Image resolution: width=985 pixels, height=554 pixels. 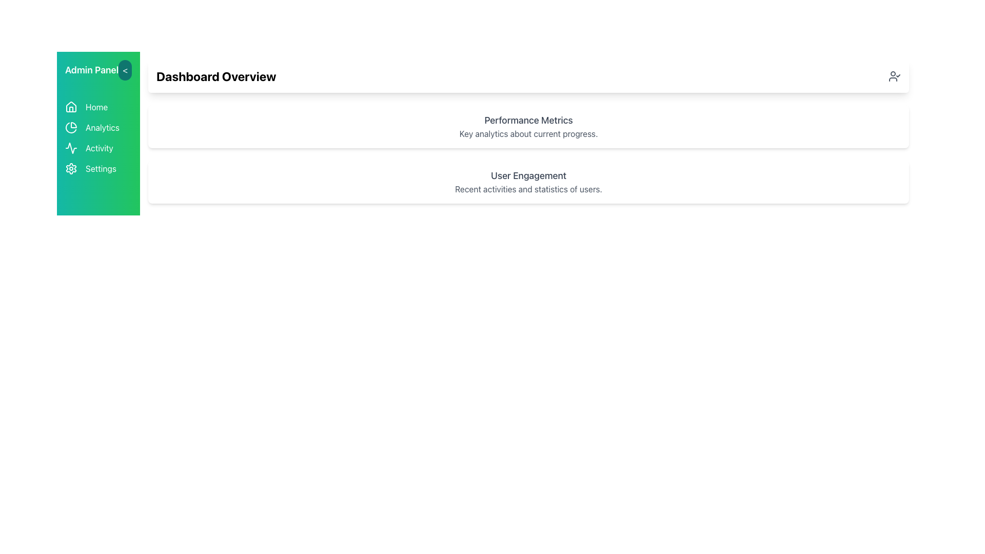 What do you see at coordinates (71, 168) in the screenshot?
I see `the 'Settings' icon located in the vertical menu on the left-hand side, fourth beneath the 'Admin Panel' title` at bounding box center [71, 168].